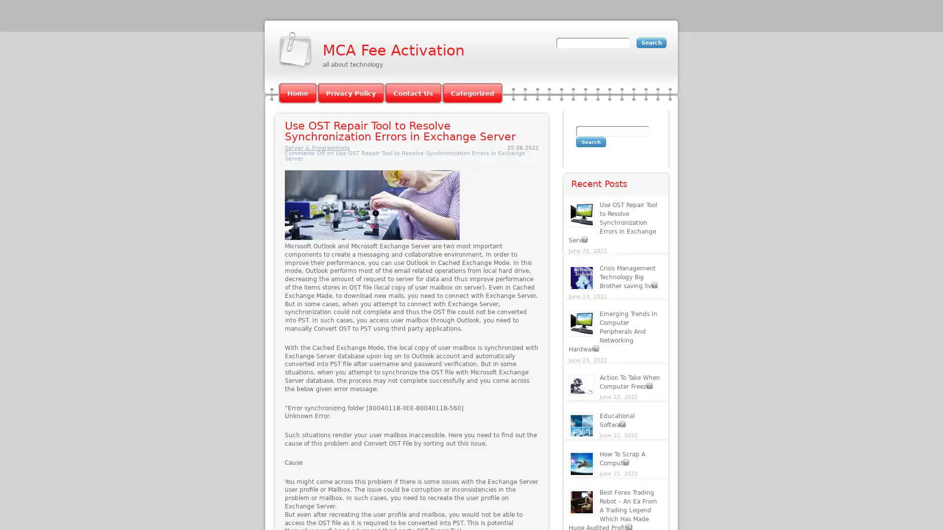 Image resolution: width=943 pixels, height=530 pixels. I want to click on Search, so click(651, 42).